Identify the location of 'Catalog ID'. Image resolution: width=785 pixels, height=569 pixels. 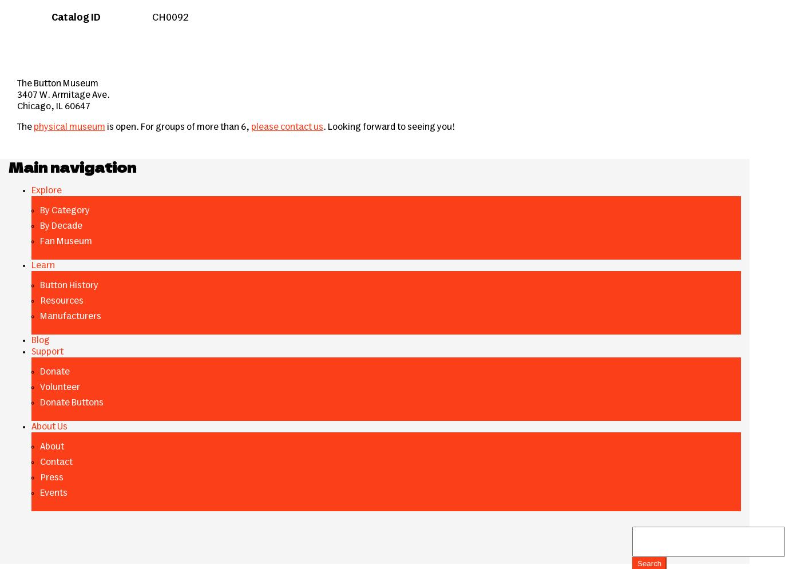
(76, 18).